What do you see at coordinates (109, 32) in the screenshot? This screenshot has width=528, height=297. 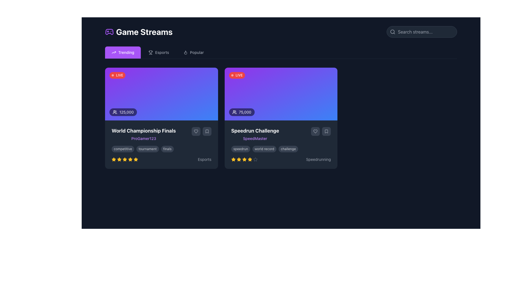 I see `the gaming-related icon positioned to the left of the 'Game Streams' heading at the top of the application interface` at bounding box center [109, 32].